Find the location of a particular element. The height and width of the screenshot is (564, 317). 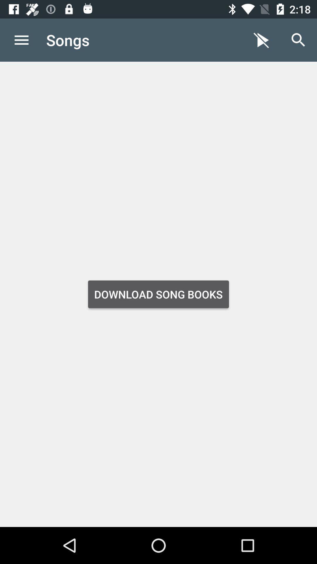

app to the right of songs icon is located at coordinates (261, 40).